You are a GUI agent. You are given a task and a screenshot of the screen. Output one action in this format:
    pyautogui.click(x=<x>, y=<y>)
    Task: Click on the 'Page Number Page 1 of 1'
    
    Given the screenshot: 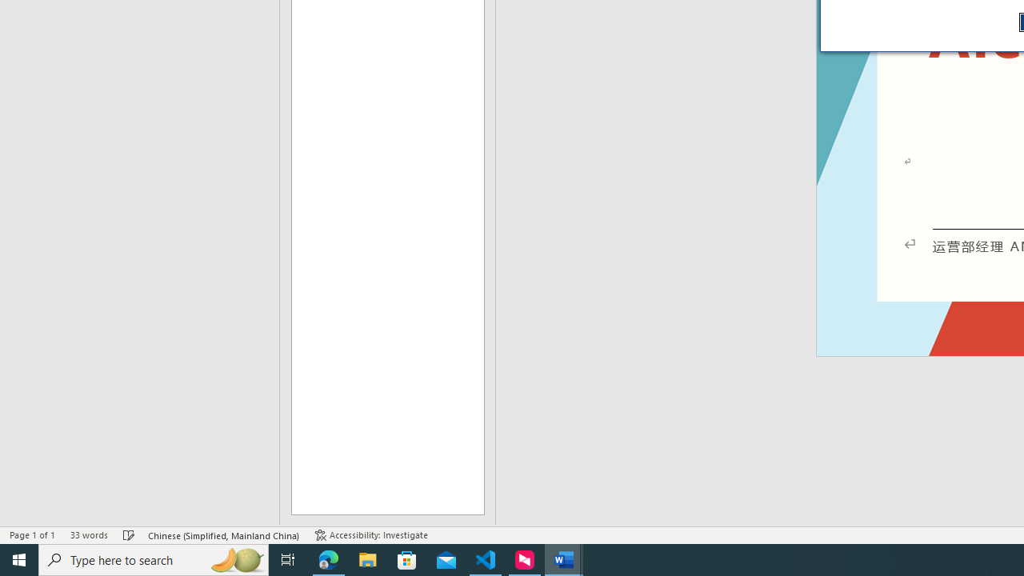 What is the action you would take?
    pyautogui.click(x=32, y=535)
    